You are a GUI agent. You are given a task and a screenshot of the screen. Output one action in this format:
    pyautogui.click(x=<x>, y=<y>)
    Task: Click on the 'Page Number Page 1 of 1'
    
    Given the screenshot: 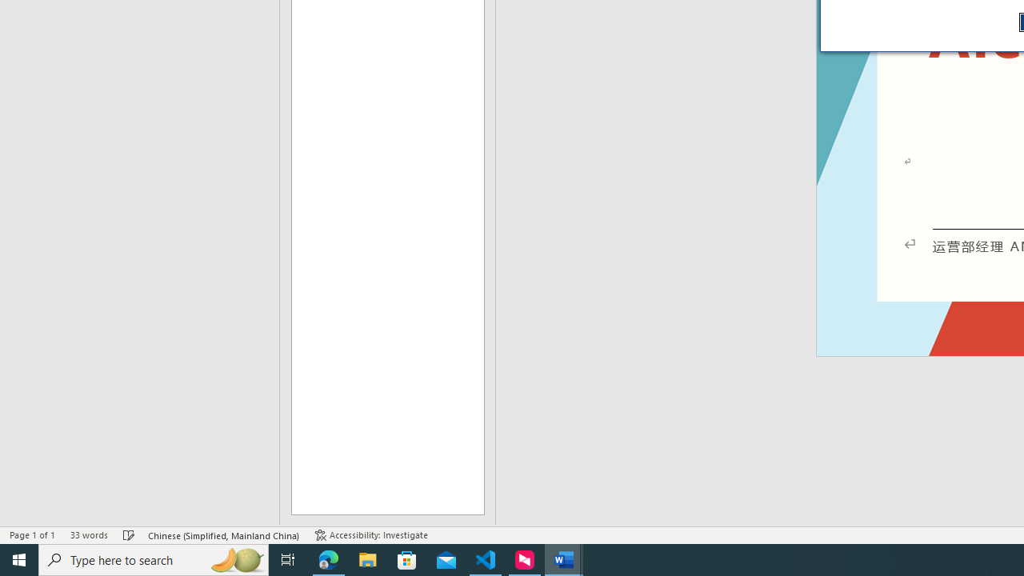 What is the action you would take?
    pyautogui.click(x=32, y=535)
    